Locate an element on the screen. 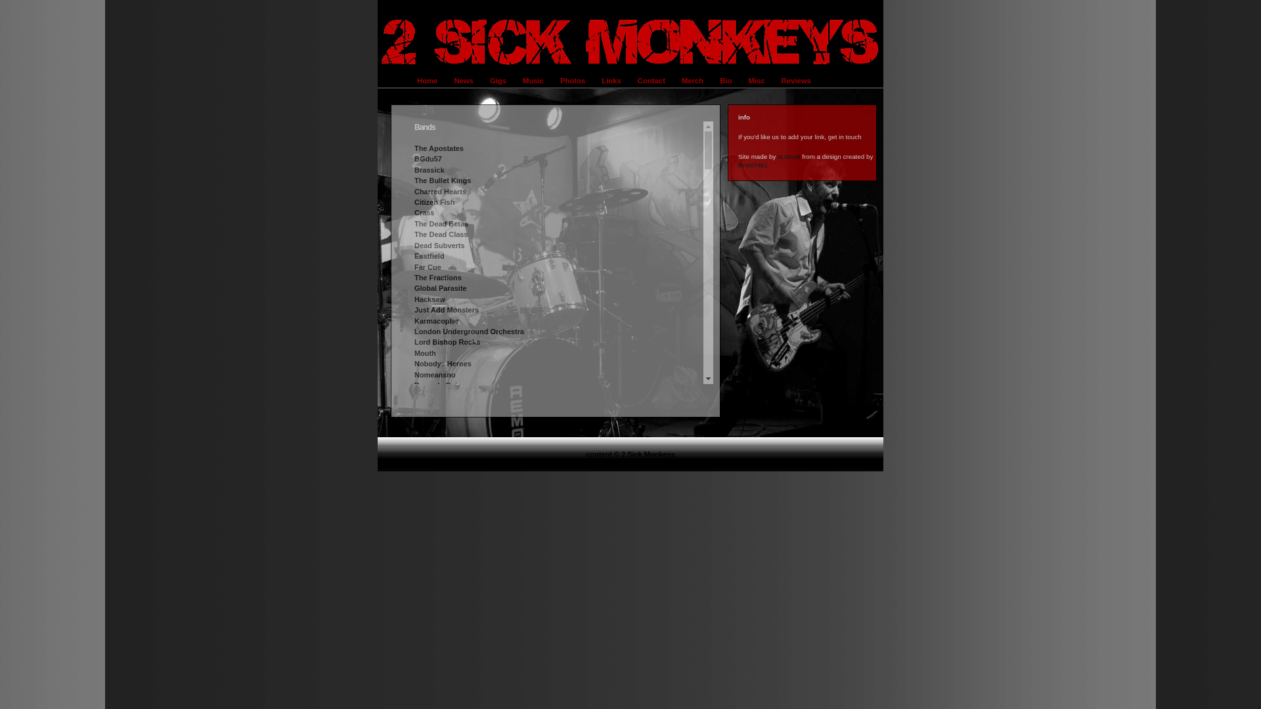 The height and width of the screenshot is (709, 1261). 'News' is located at coordinates (465, 80).